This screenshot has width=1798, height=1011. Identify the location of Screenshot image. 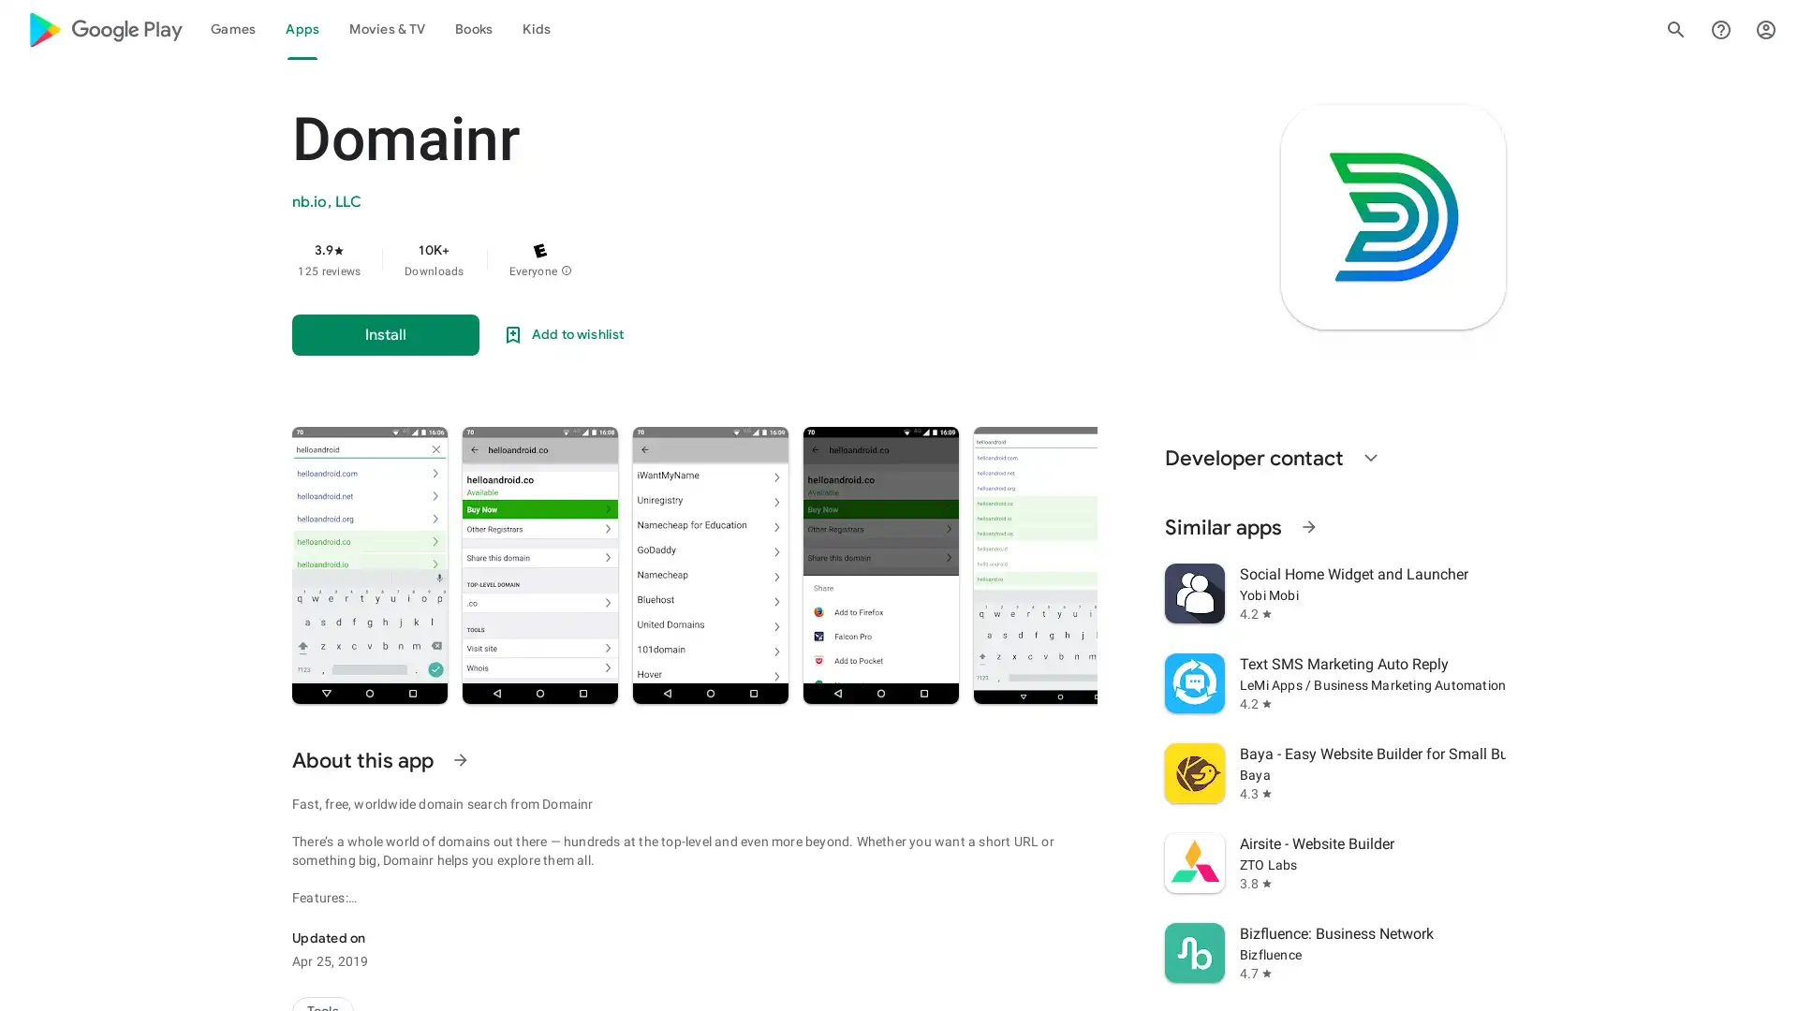
(709, 564).